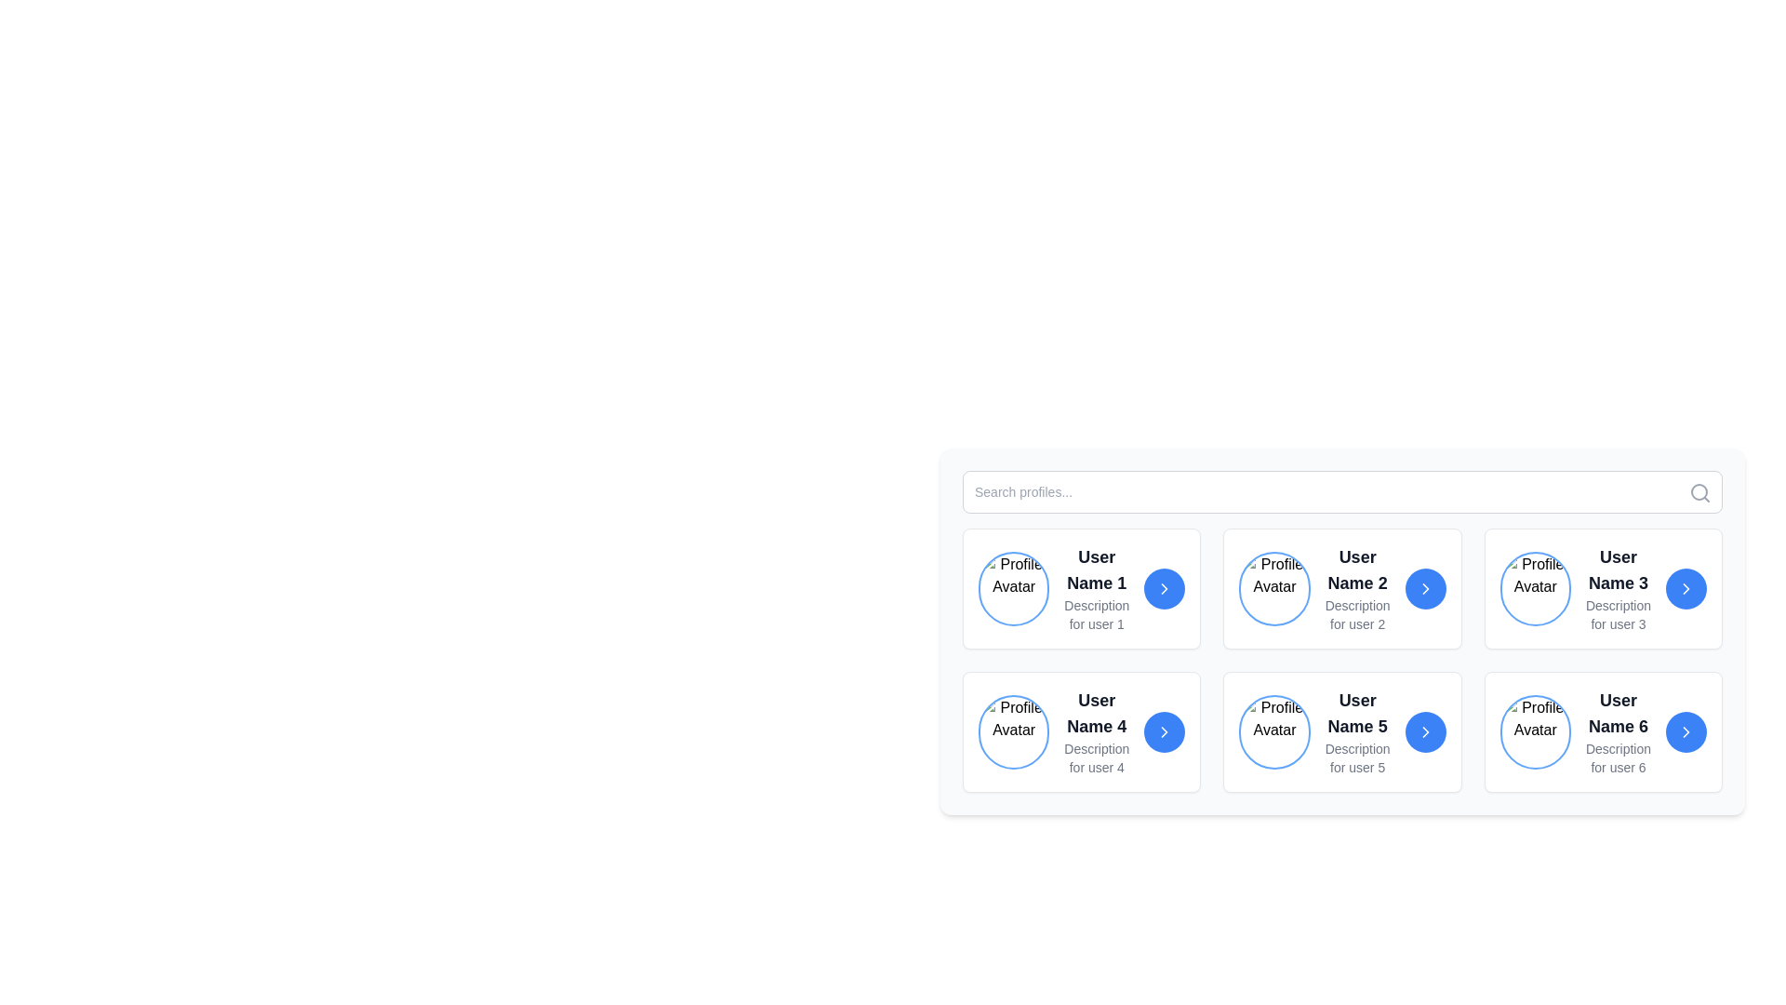 The height and width of the screenshot is (1005, 1786). I want to click on the navigational button located at the rightmost side of the card for 'User Name 1', so click(1164, 588).